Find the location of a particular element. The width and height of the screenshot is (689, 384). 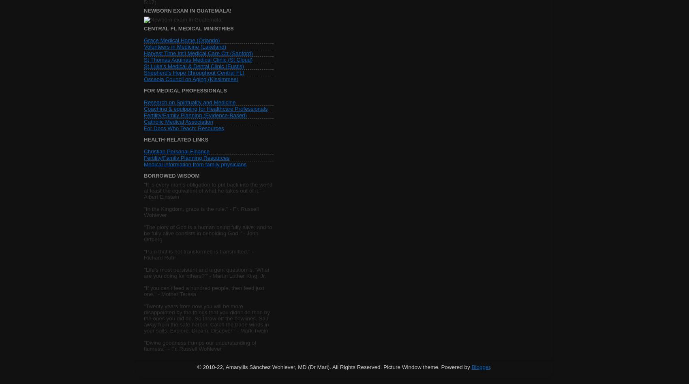

'Grace Medical Home (Orlando)' is located at coordinates (143, 39).